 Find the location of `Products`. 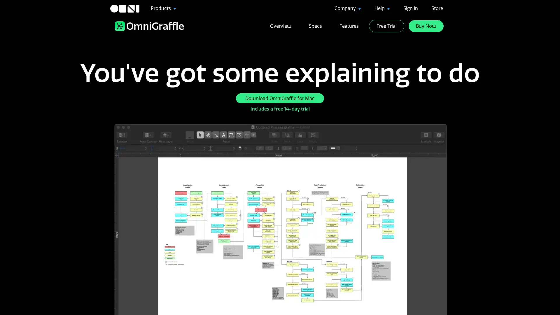

Products is located at coordinates (163, 8).